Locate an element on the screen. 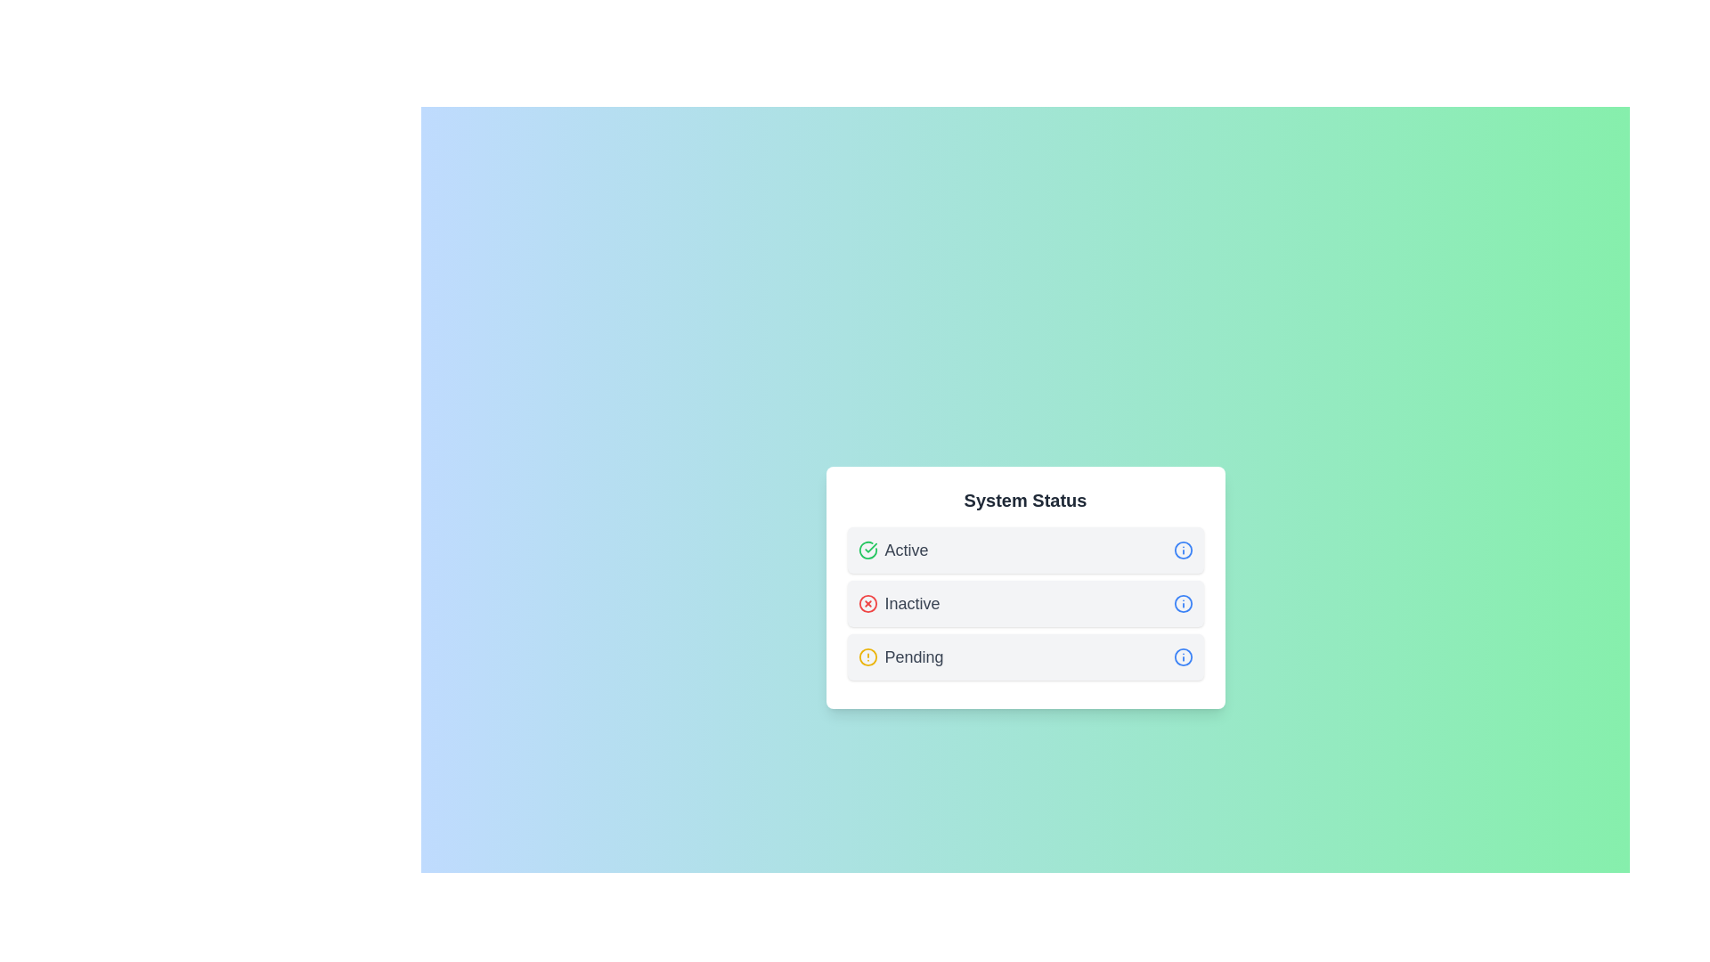  the green circular icon with a checkmark inside, which is part of the 'Active' row in the list of statuses is located at coordinates (867, 549).